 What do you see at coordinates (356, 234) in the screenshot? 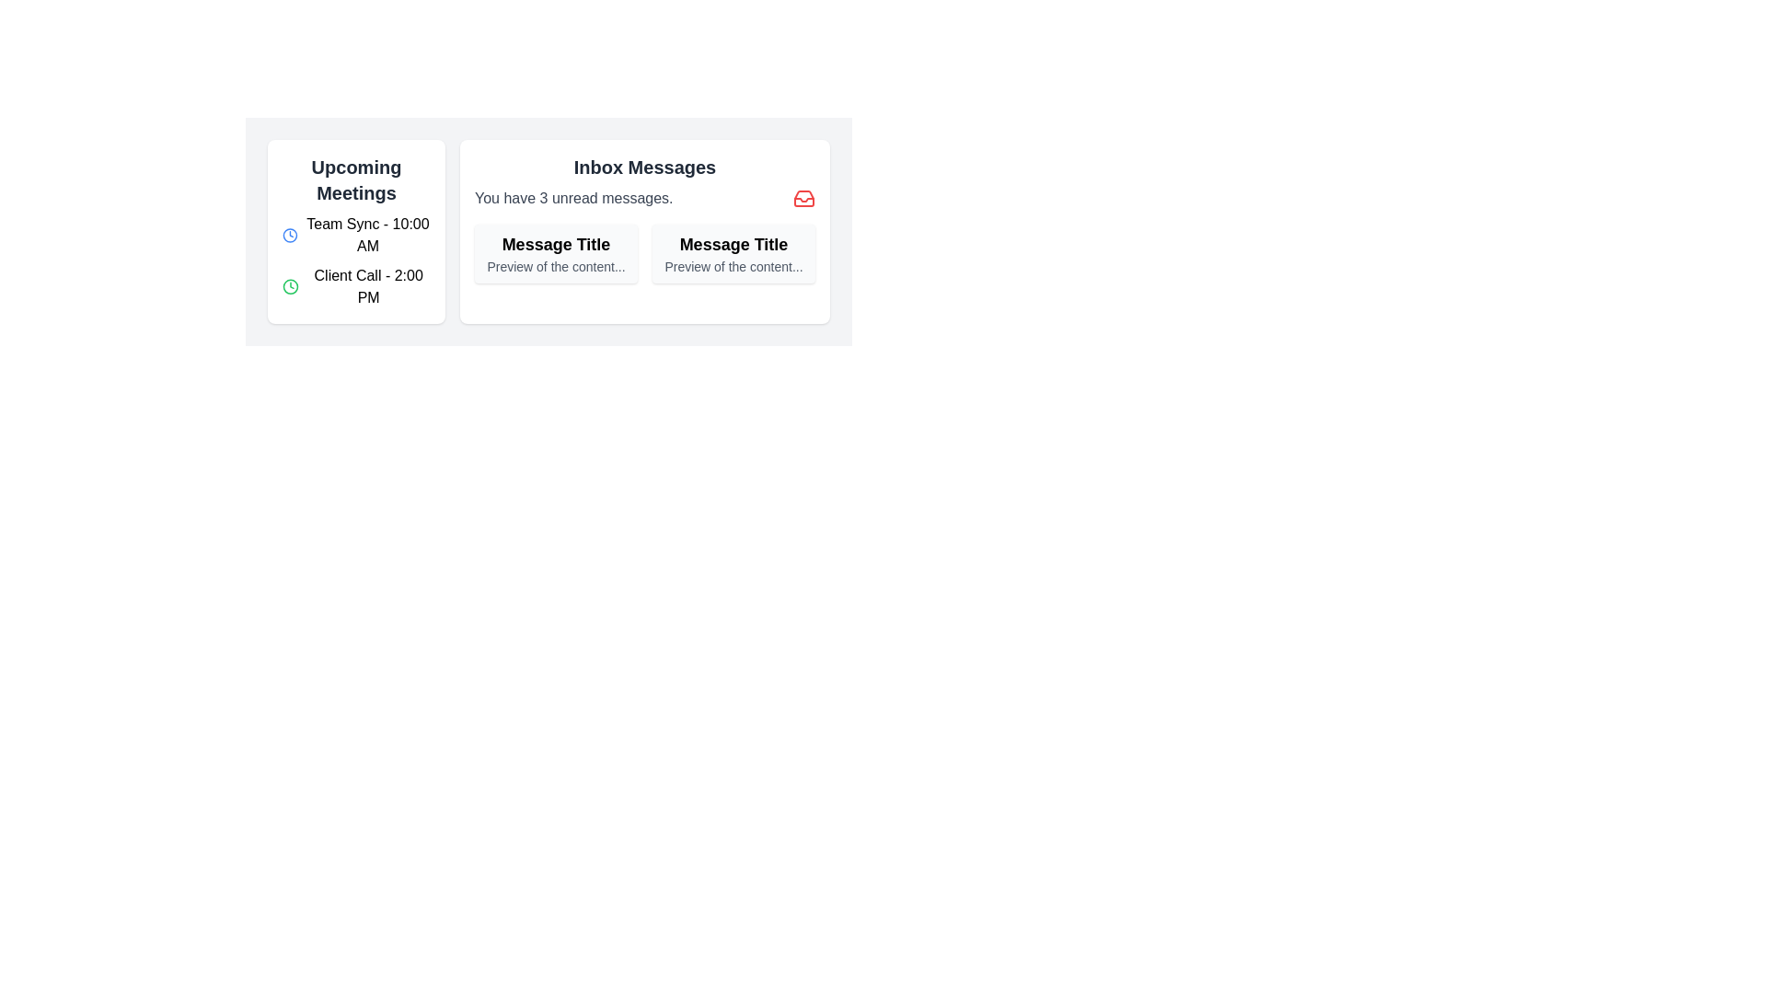
I see `the meeting details displayed as 'Team Sync - 10:00 AM' with a blue clock icon on the left, located at the top of the 'Upcoming Meetings' section` at bounding box center [356, 234].